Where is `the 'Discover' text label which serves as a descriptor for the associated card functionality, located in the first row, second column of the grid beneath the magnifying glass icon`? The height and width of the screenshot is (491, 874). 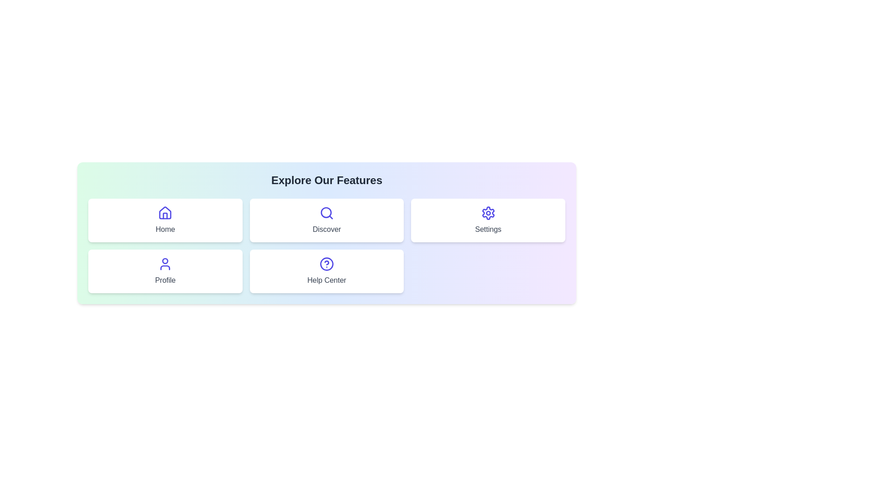 the 'Discover' text label which serves as a descriptor for the associated card functionality, located in the first row, second column of the grid beneath the magnifying glass icon is located at coordinates (327, 229).